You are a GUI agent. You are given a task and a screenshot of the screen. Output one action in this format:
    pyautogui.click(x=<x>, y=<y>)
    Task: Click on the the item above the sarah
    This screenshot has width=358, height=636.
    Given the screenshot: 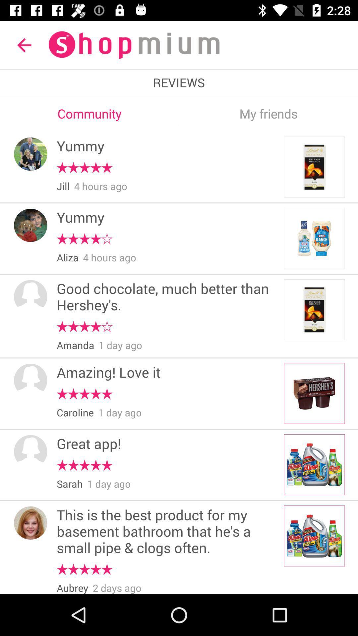 What is the action you would take?
    pyautogui.click(x=84, y=465)
    